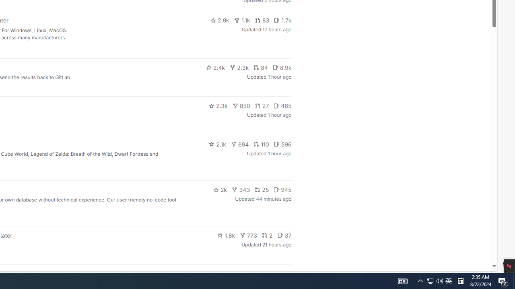 This screenshot has height=289, width=515. Describe the element at coordinates (218, 105) in the screenshot. I see `'2.3k'` at that location.